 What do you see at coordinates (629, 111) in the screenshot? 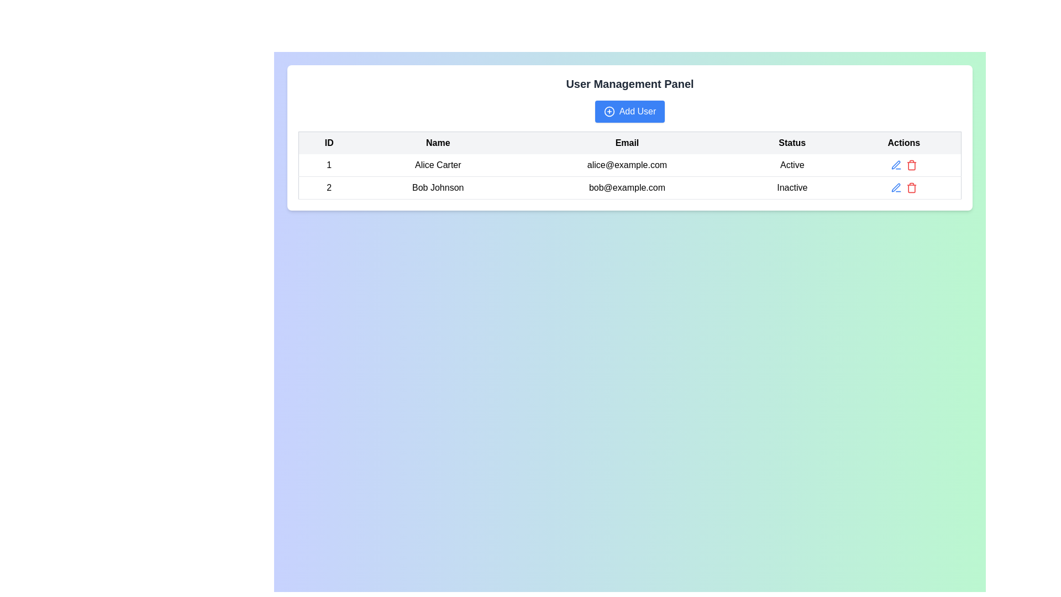
I see `the 'Add User' button located below the 'User Management Panel' heading to observe any hover effect` at bounding box center [629, 111].